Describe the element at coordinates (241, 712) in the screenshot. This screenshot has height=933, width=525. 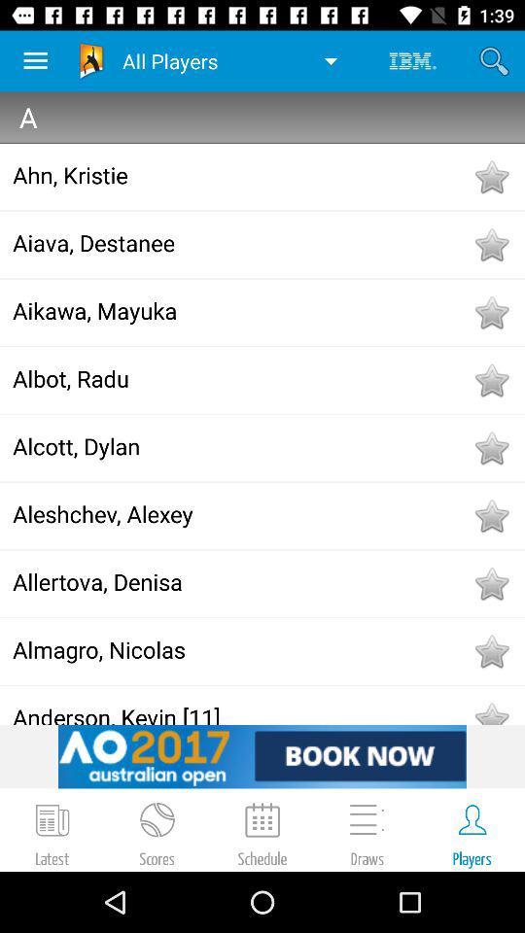
I see `anderson, kevin [11]` at that location.